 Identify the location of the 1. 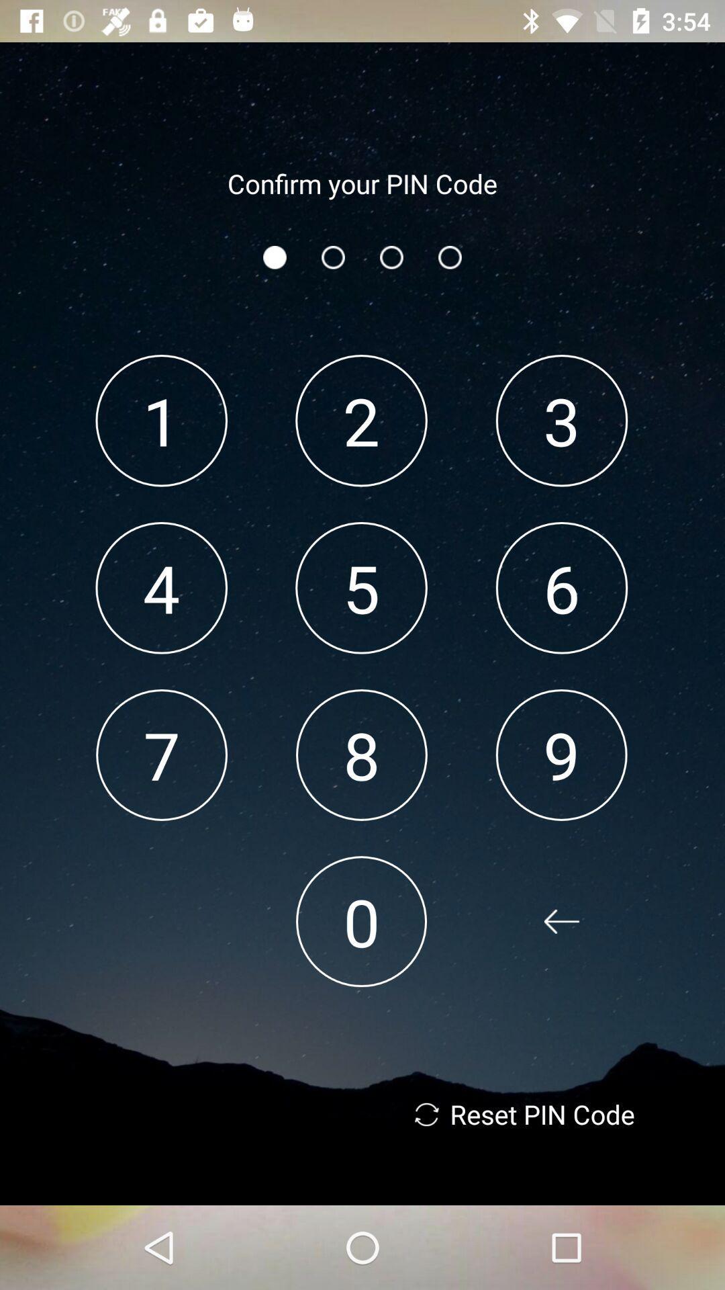
(160, 420).